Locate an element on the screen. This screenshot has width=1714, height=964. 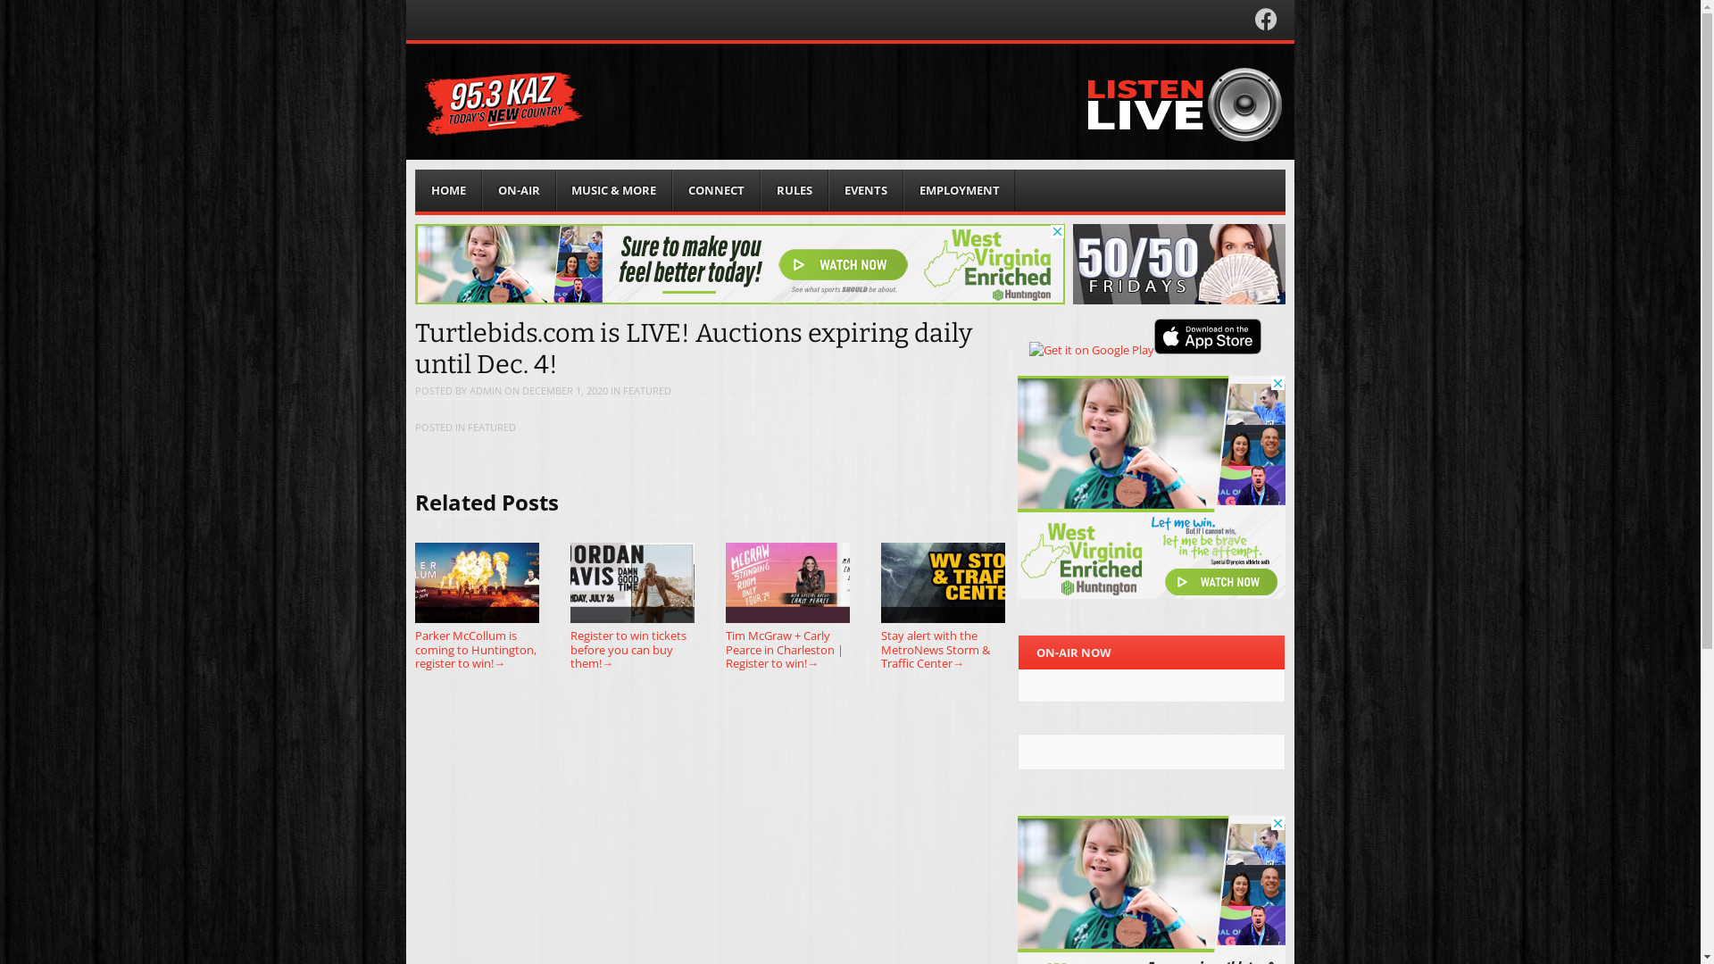
'ON-AIR' is located at coordinates (518, 190).